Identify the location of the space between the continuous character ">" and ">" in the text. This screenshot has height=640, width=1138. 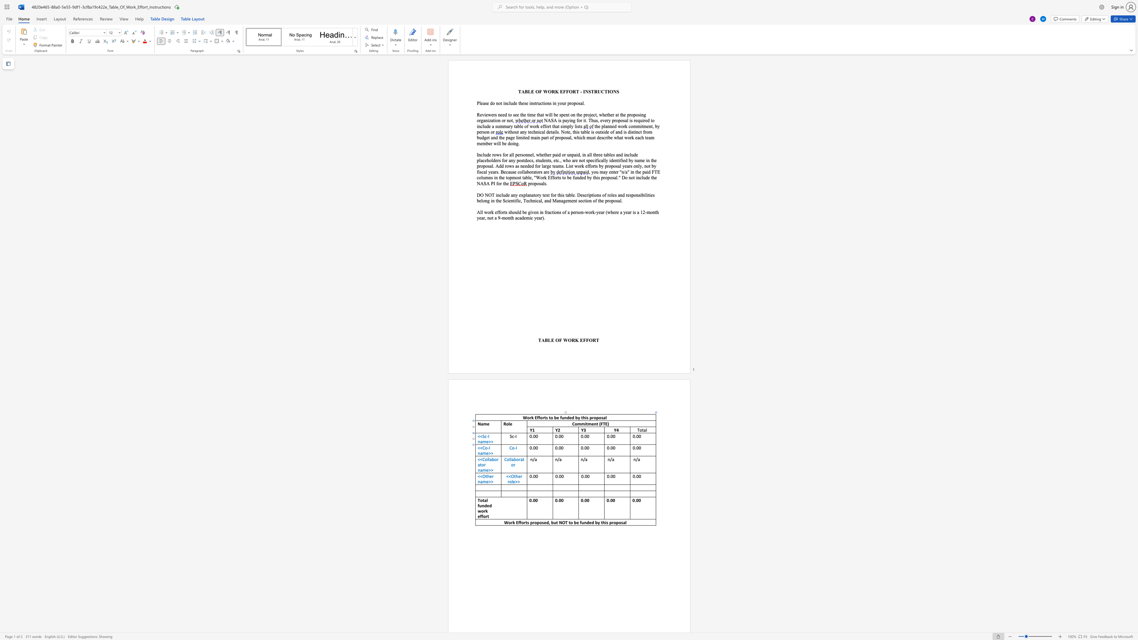
(491, 453).